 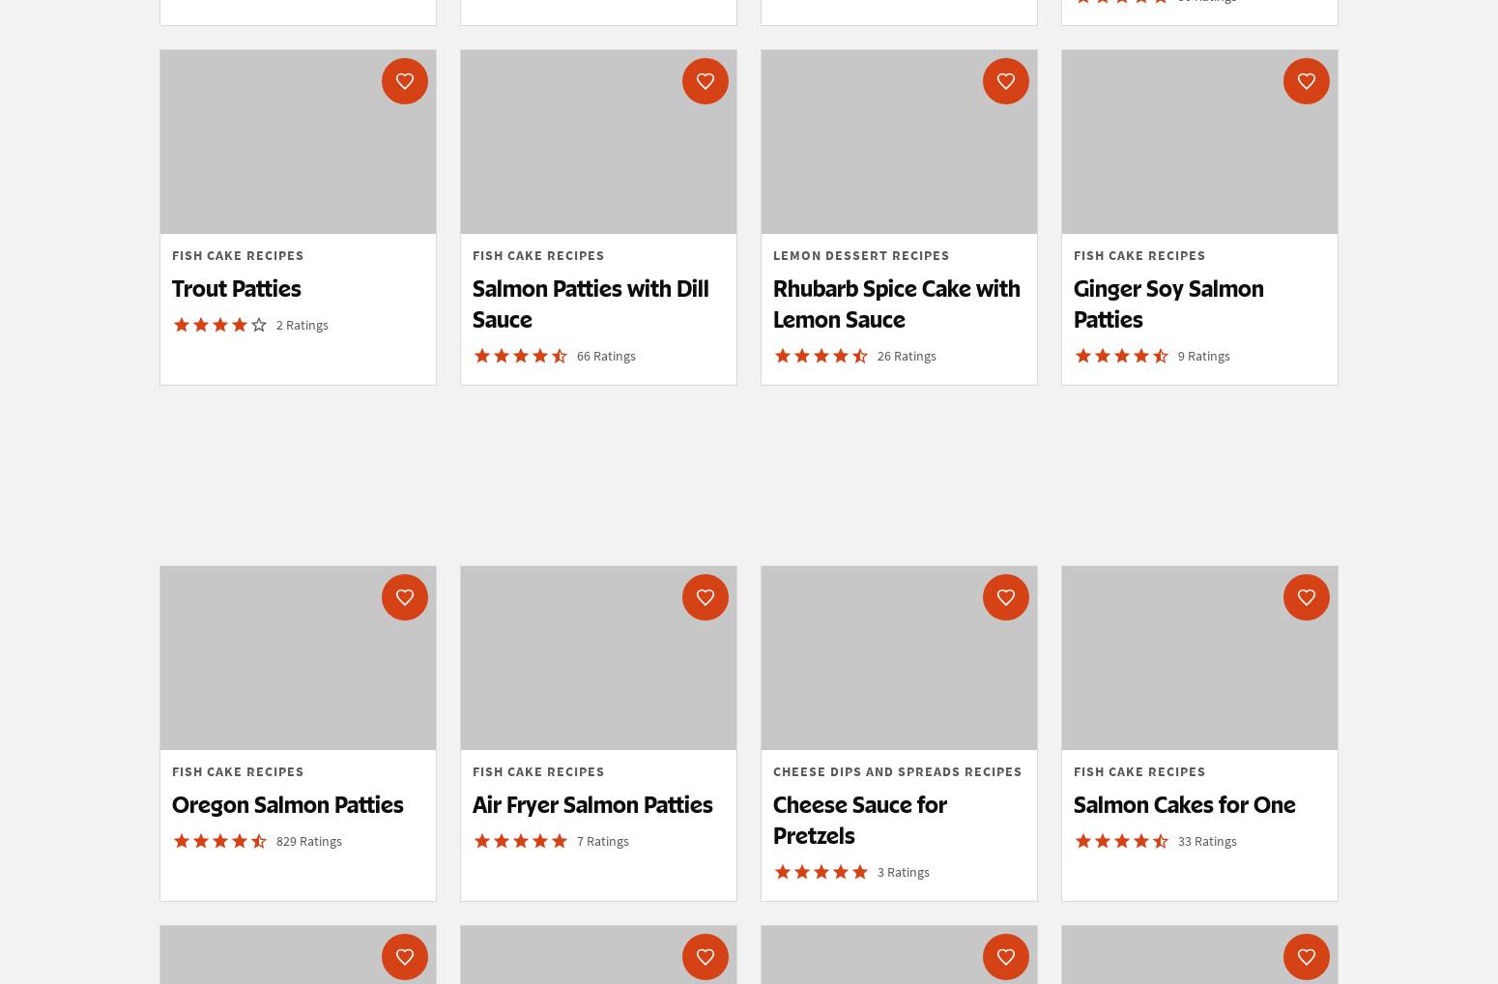 I want to click on '829', so click(x=288, y=839).